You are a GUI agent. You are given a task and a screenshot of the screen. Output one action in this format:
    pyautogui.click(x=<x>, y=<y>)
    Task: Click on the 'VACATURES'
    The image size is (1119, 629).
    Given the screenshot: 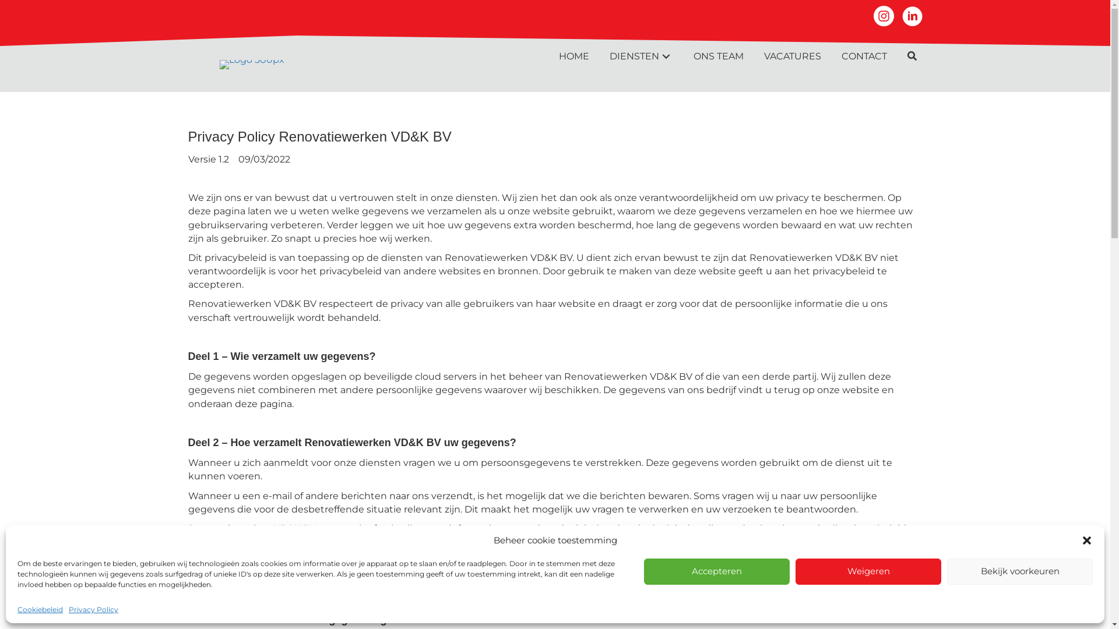 What is the action you would take?
    pyautogui.click(x=791, y=56)
    